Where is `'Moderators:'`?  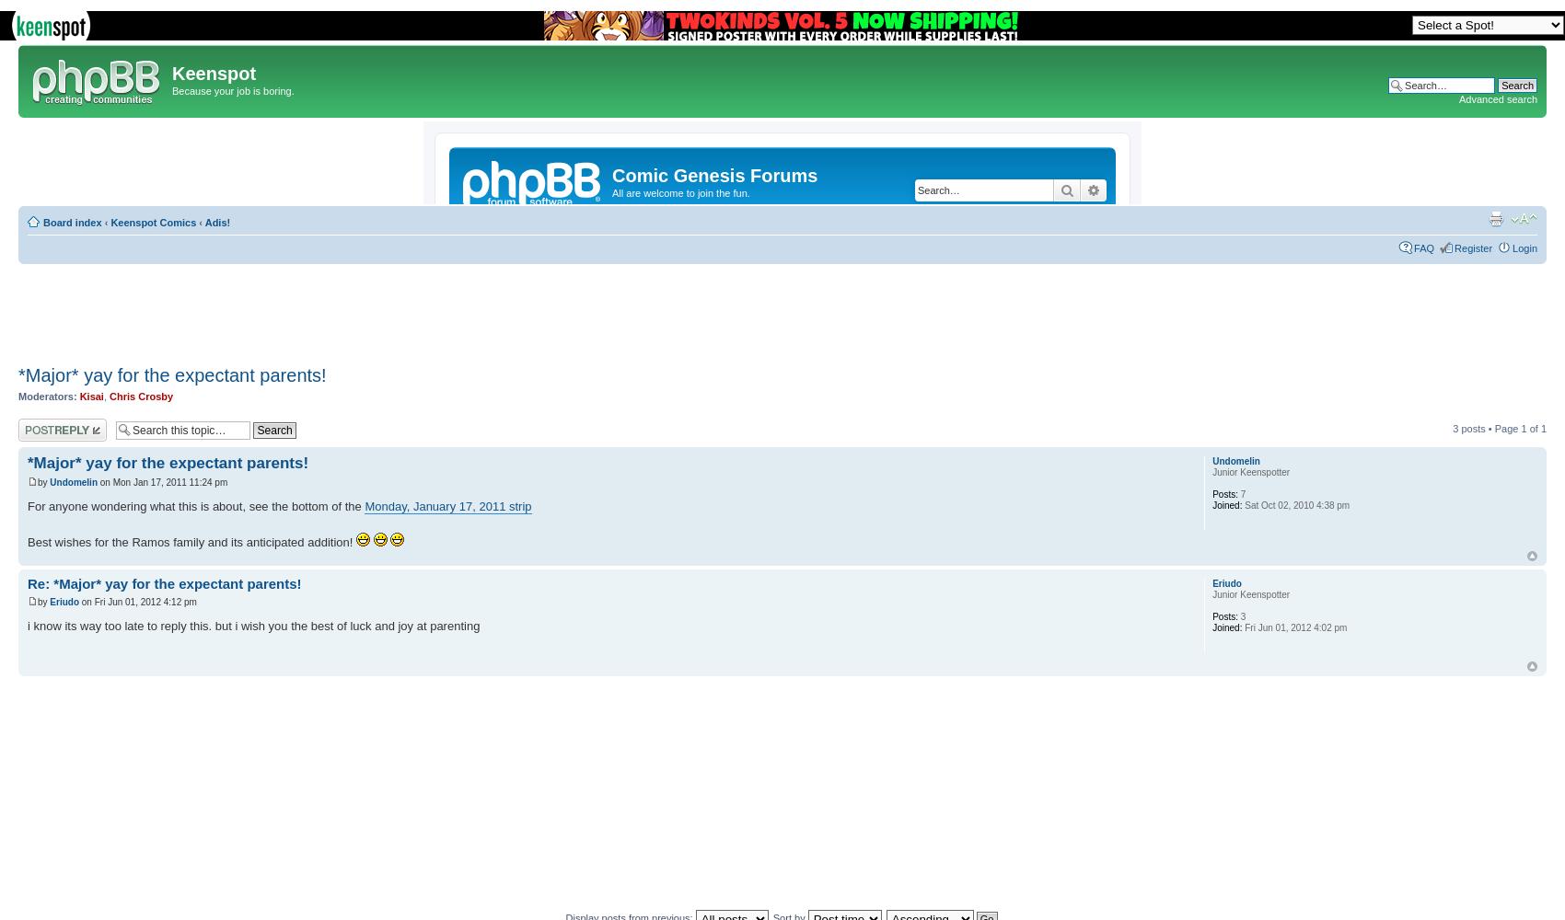 'Moderators:' is located at coordinates (47, 397).